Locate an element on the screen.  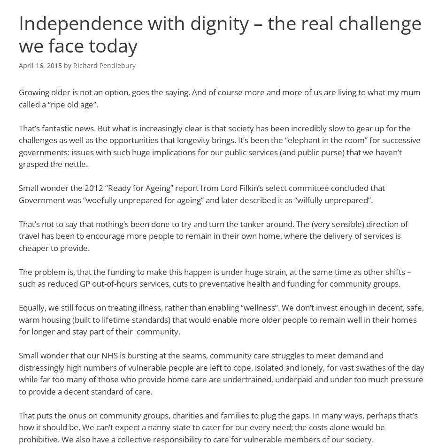
'Growing older is not an option, goes the saying. And of course more and more of us are living to what my mum called a “ripe old age”.' is located at coordinates (219, 98).